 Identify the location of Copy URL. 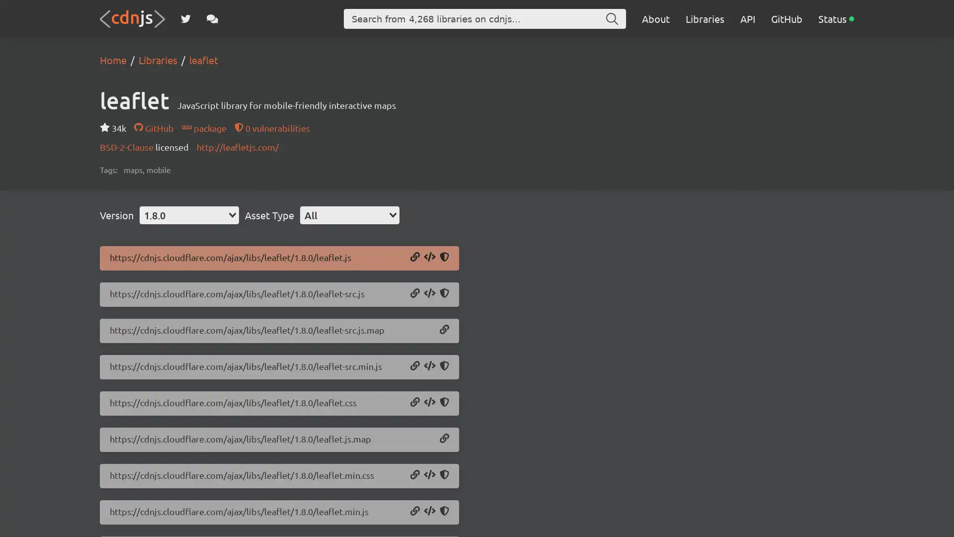
(415, 403).